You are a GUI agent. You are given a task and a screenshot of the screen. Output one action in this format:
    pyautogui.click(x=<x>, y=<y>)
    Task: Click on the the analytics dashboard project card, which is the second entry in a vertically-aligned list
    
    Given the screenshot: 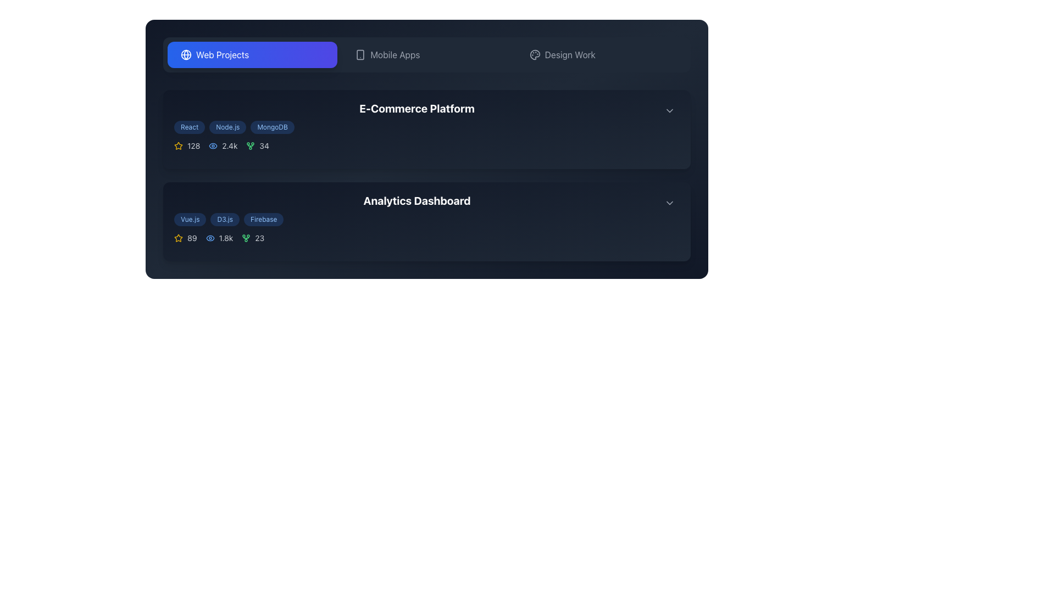 What is the action you would take?
    pyautogui.click(x=426, y=222)
    